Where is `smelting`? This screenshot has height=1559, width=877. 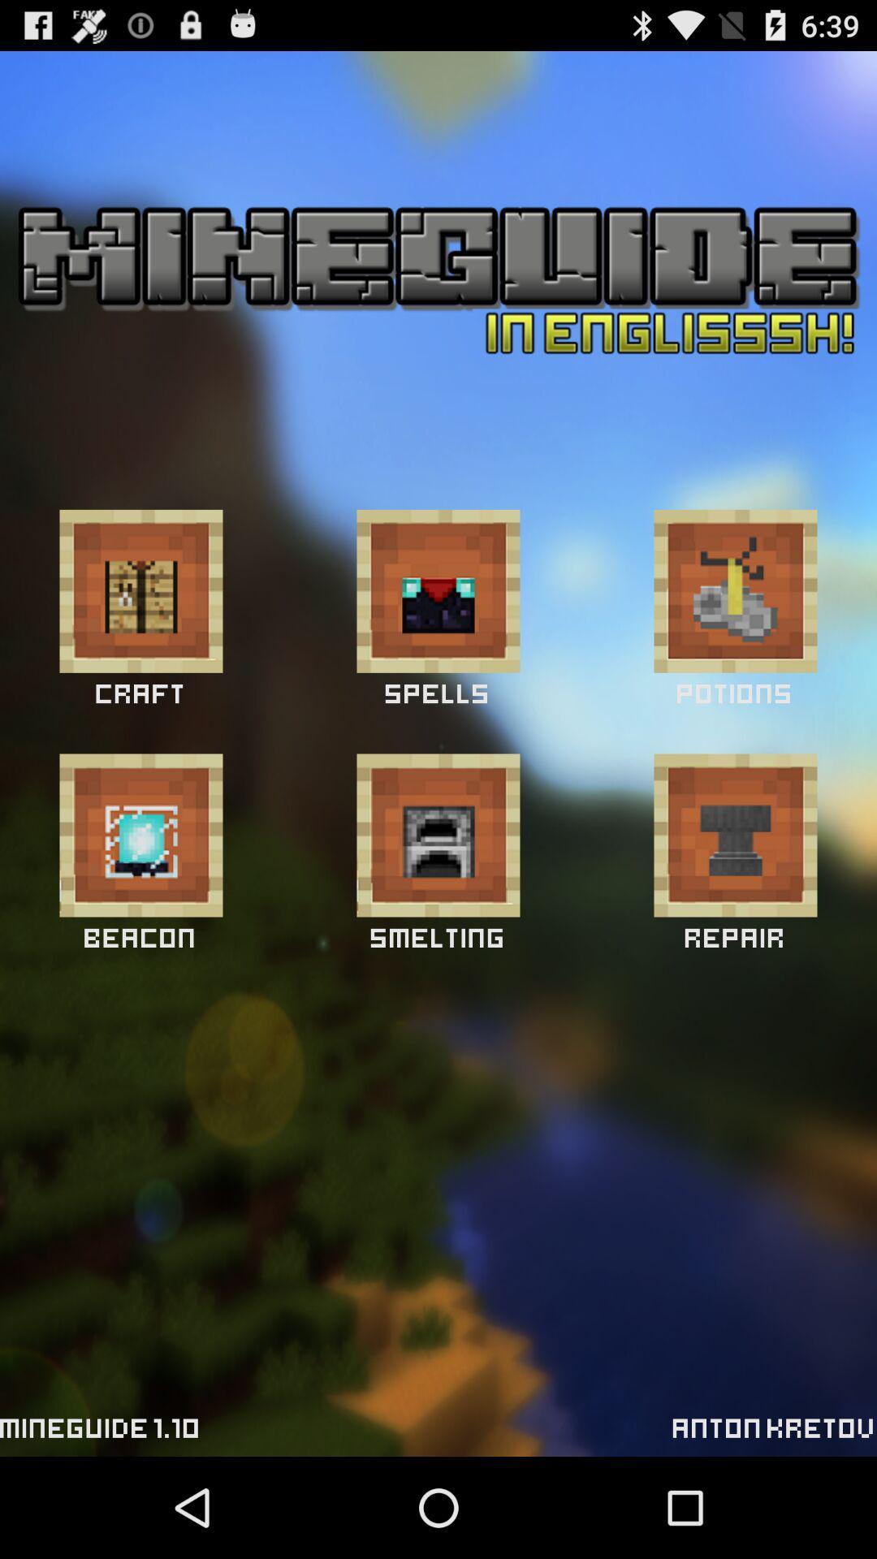 smelting is located at coordinates (438, 835).